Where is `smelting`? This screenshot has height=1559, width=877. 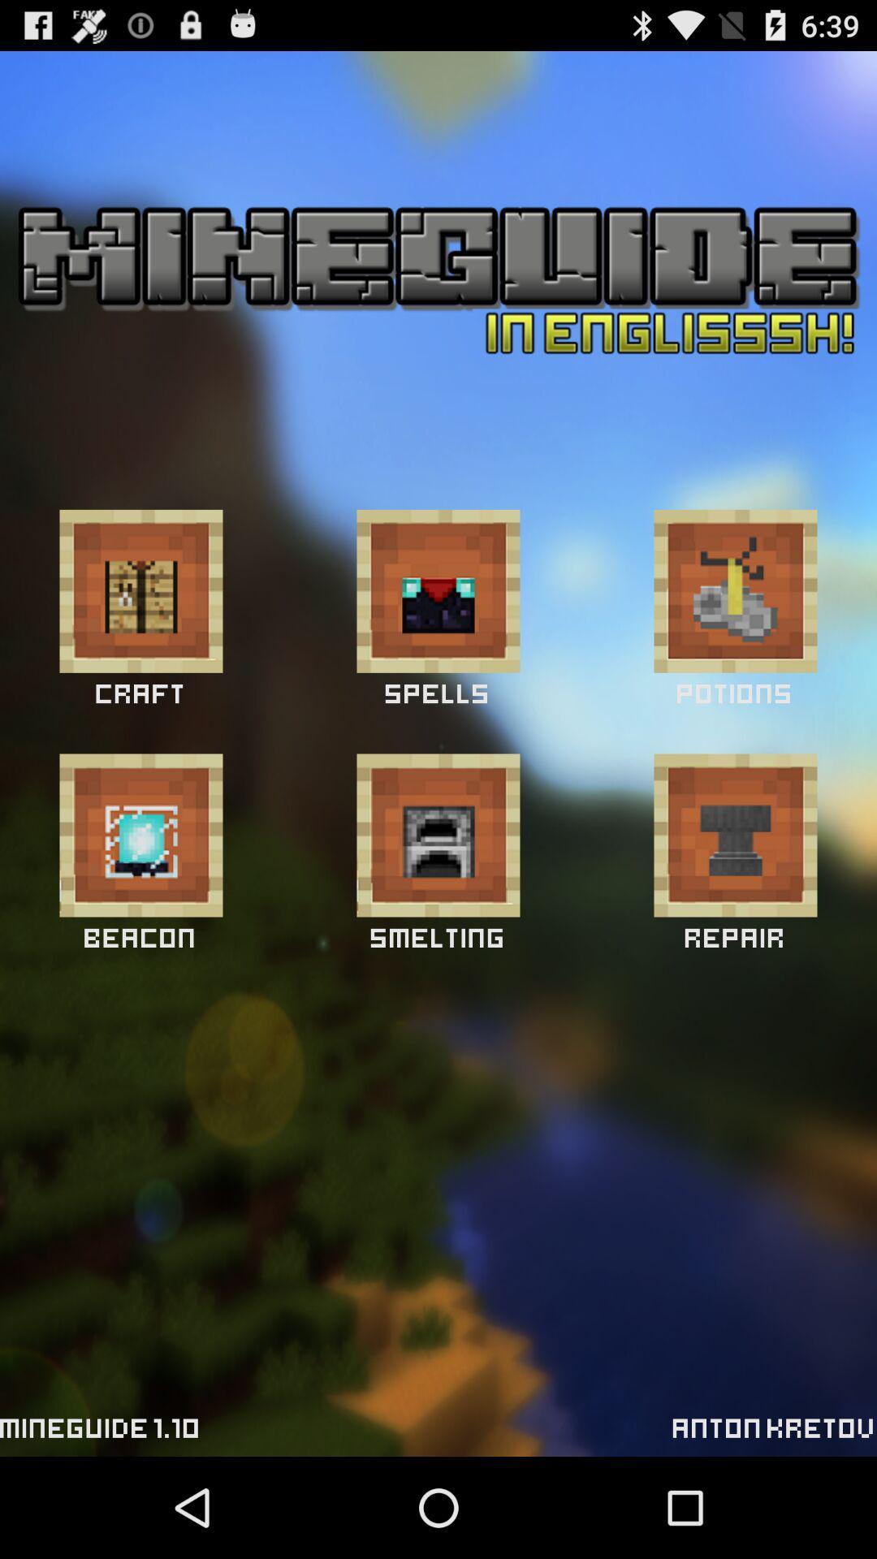 smelting is located at coordinates (438, 835).